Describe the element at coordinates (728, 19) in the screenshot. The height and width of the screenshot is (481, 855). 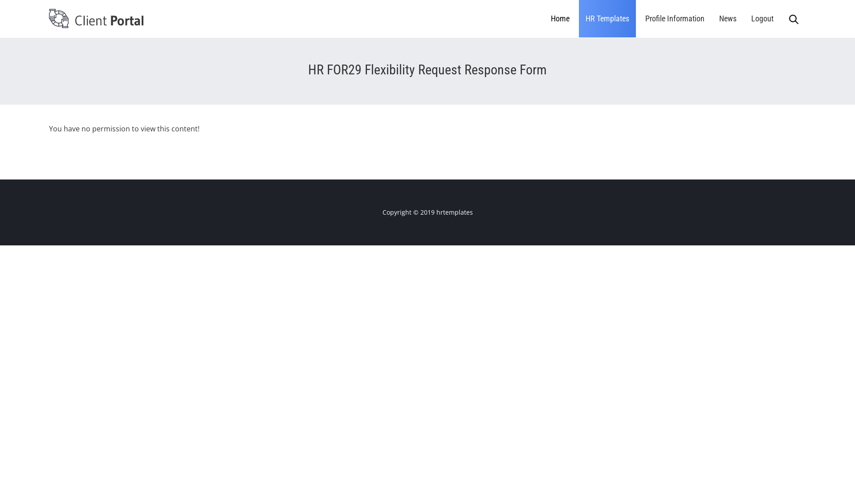
I see `'News'` at that location.